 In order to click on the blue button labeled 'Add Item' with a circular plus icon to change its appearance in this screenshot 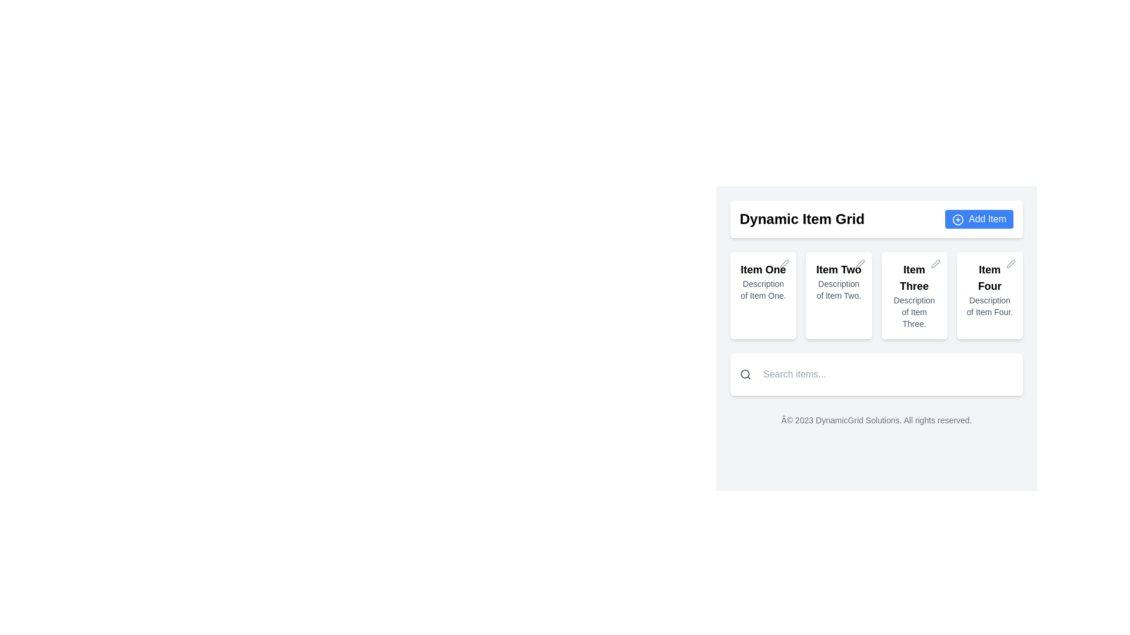, I will do `click(979, 219)`.